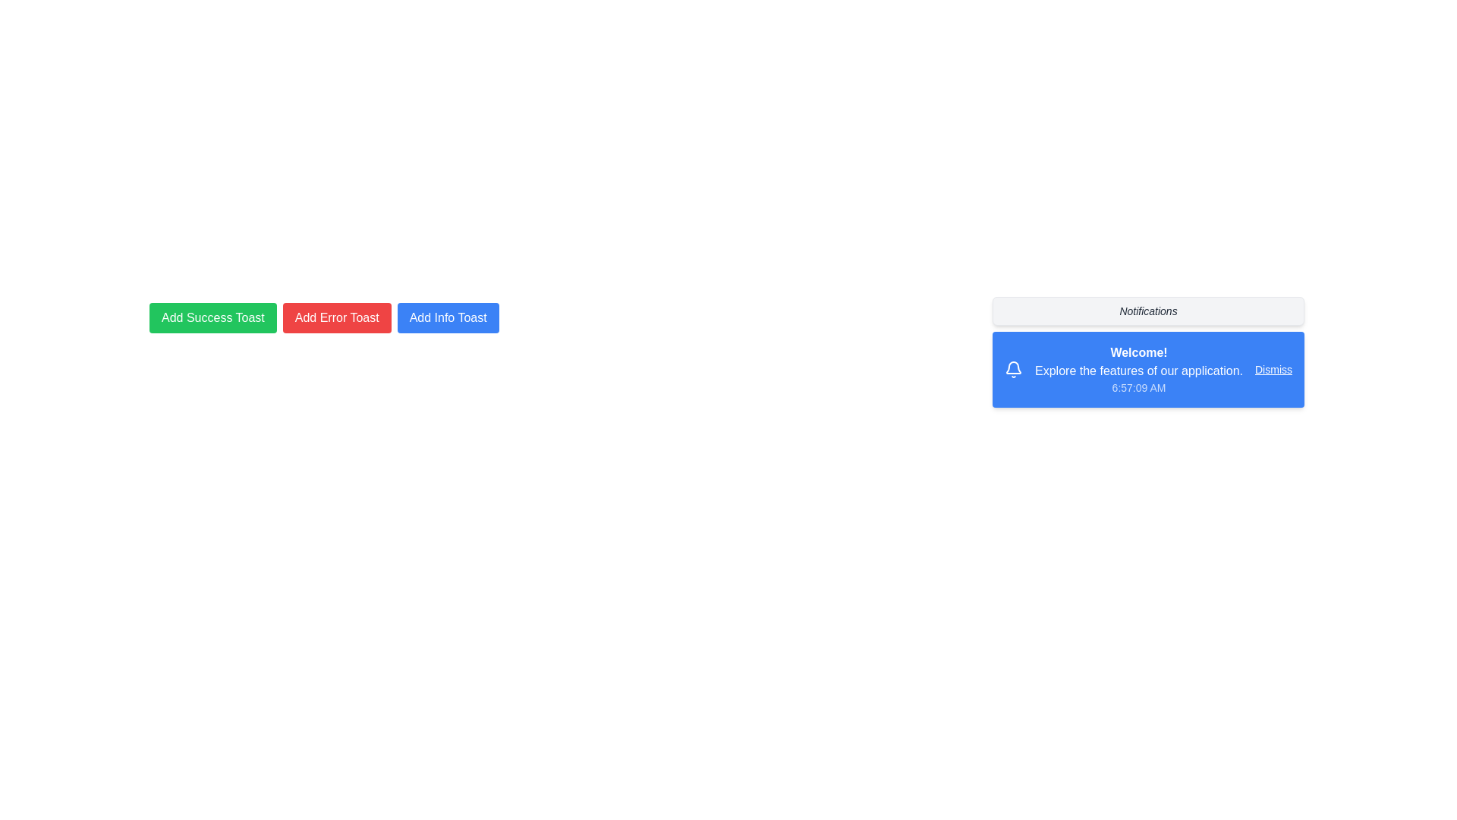 This screenshot has width=1457, height=820. What do you see at coordinates (1139, 352) in the screenshot?
I see `the text label displaying 'Welcome!' in white on a blue background` at bounding box center [1139, 352].